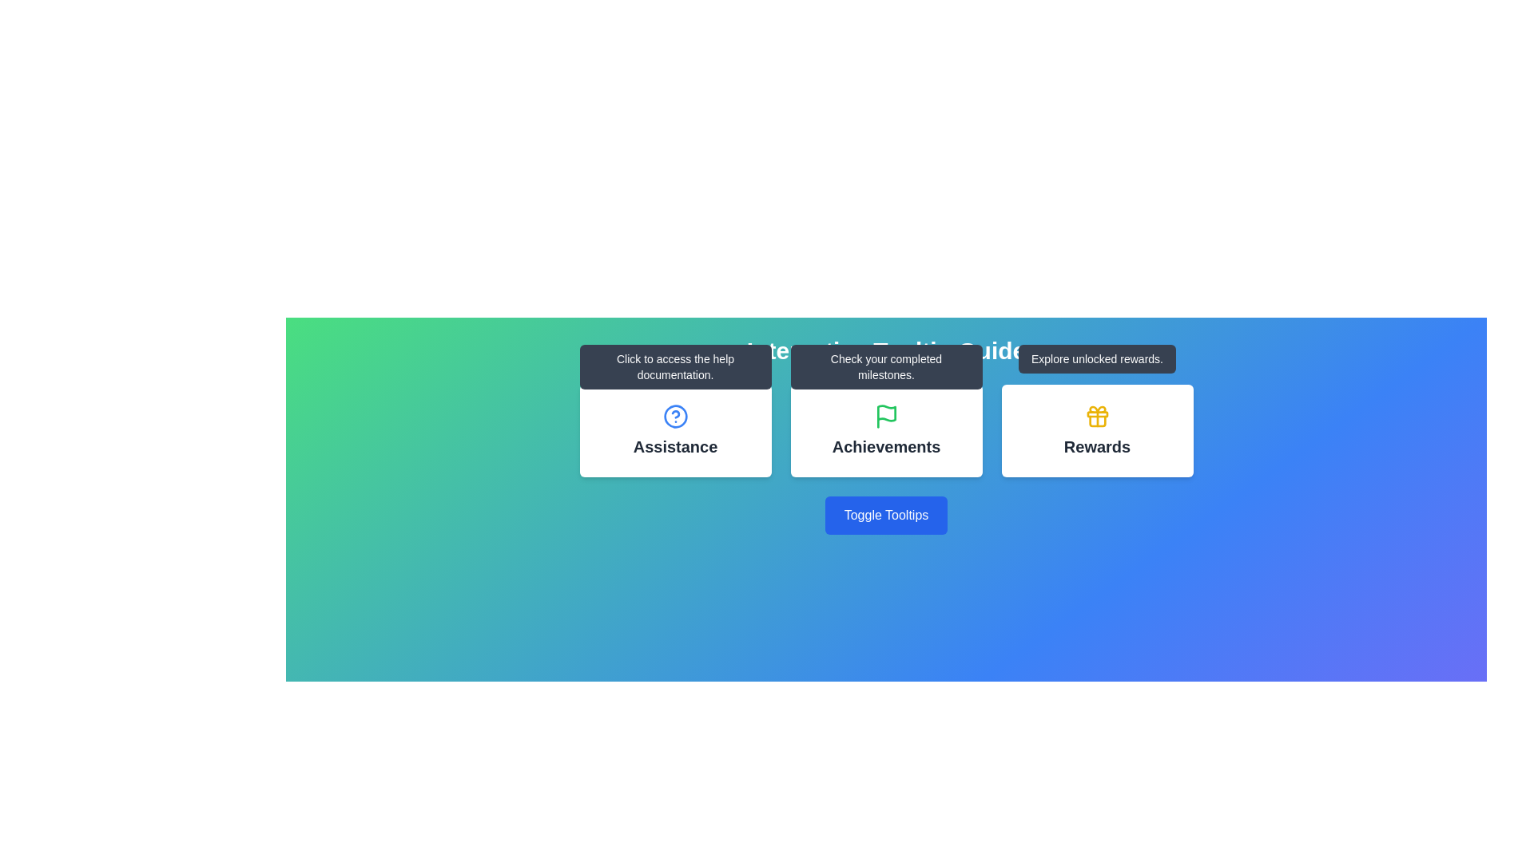 Image resolution: width=1534 pixels, height=862 pixels. I want to click on the circular help icon with a blue outline and a question mark inside, located at the center of the 'Assistance' card, to access the help documentation, so click(675, 415).